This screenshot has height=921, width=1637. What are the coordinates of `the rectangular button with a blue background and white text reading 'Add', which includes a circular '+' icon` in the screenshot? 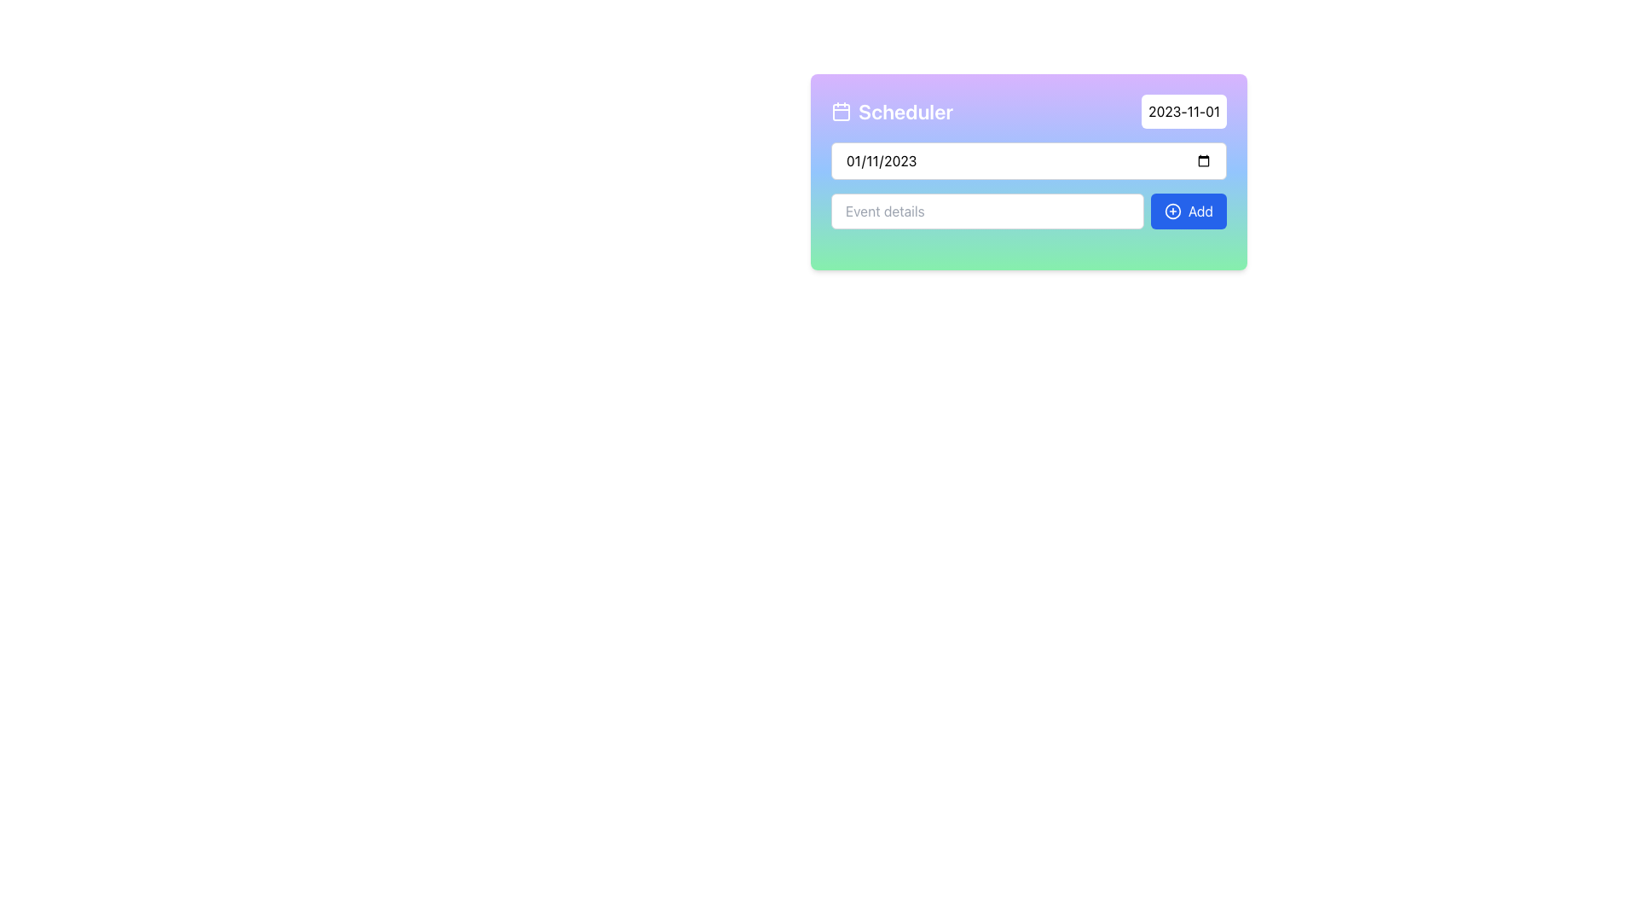 It's located at (1188, 210).